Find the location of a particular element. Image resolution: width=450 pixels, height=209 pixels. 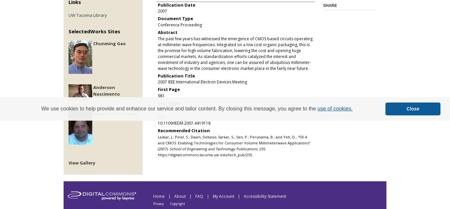

'Copyright' is located at coordinates (170, 203).